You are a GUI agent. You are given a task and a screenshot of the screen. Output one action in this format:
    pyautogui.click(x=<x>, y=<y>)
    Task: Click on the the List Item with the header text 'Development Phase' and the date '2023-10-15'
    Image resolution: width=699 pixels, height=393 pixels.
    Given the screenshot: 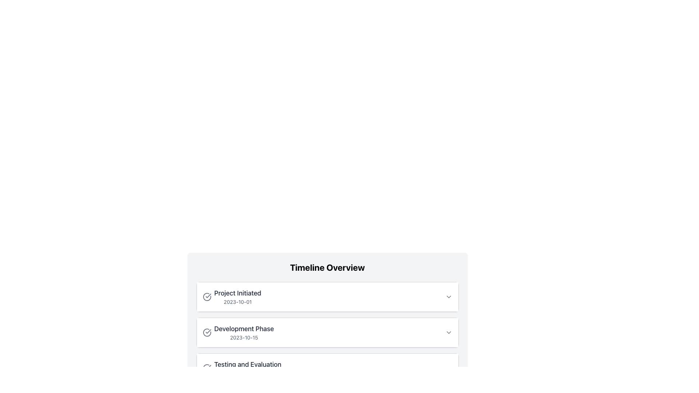 What is the action you would take?
    pyautogui.click(x=238, y=333)
    